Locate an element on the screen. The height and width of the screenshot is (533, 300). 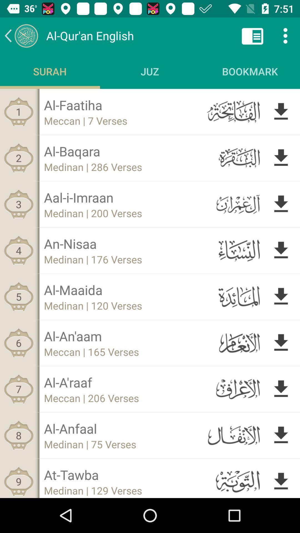
download is located at coordinates (281, 389).